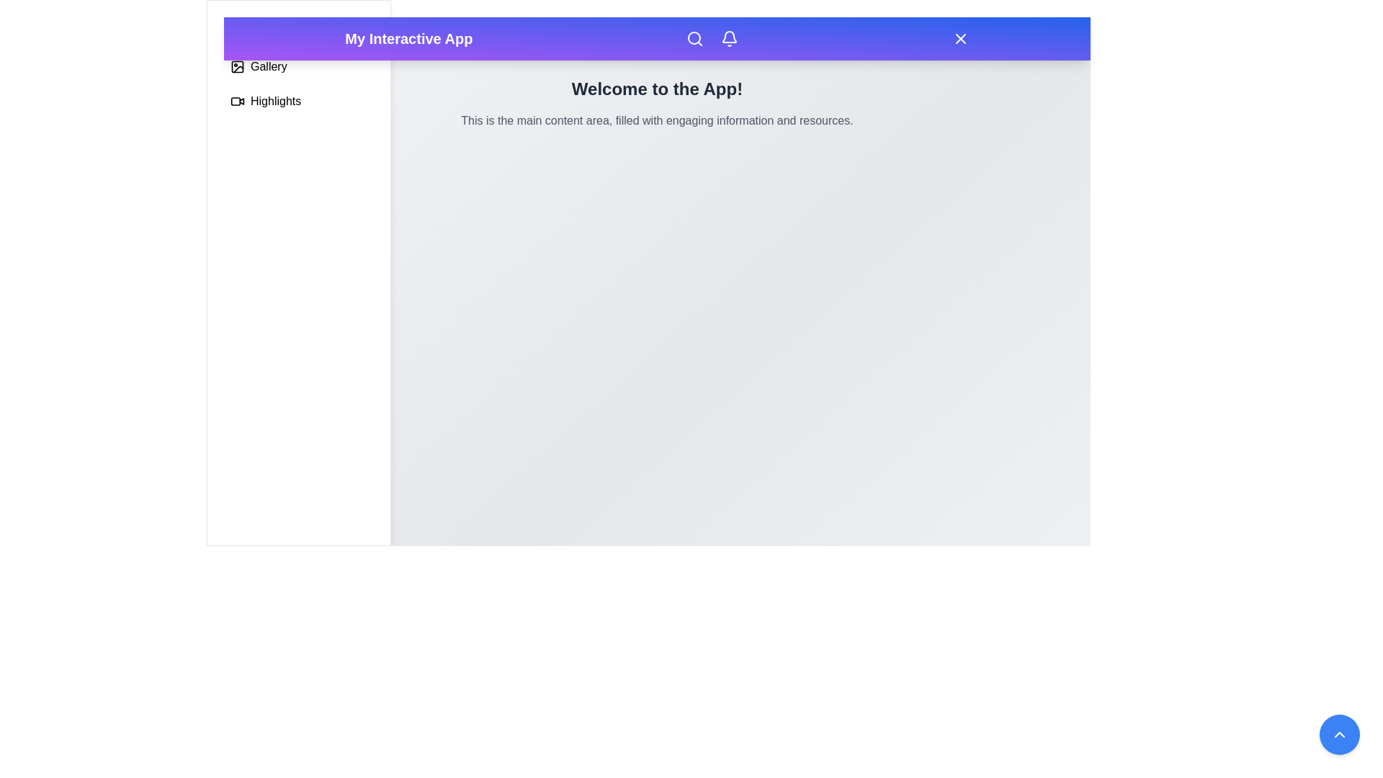  I want to click on the navigation button located at the top of the vertical list on the left side, so click(297, 32).